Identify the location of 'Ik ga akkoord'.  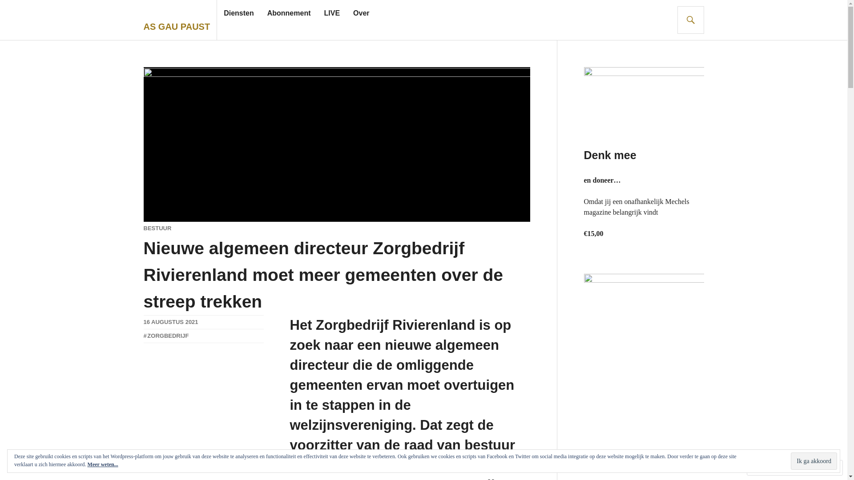
(814, 460).